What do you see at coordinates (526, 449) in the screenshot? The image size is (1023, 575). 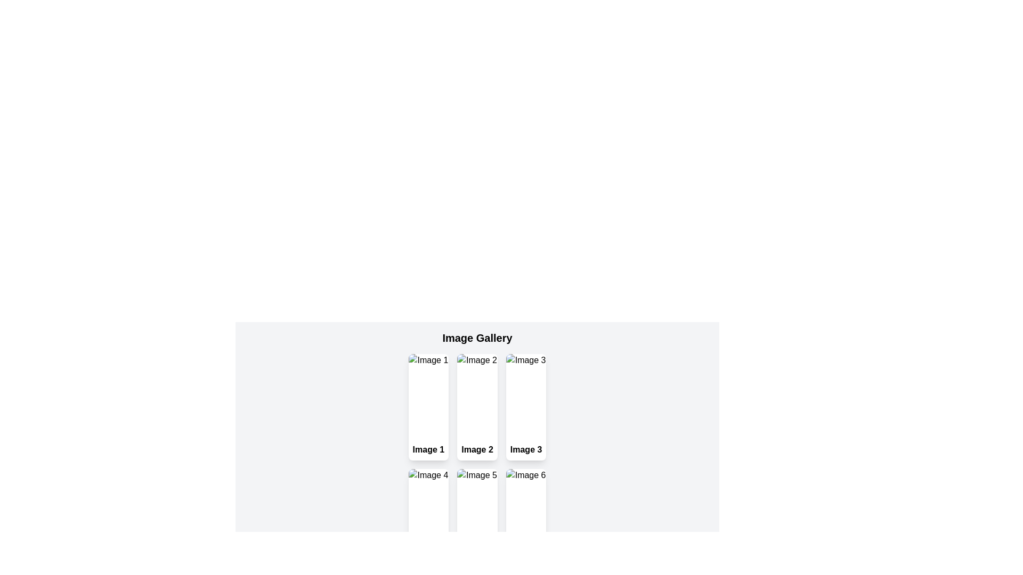 I see `text from the Text Label that displays 'Image 3', which is styled in bold font and aligned centrally as a caption under the adjacent image` at bounding box center [526, 449].